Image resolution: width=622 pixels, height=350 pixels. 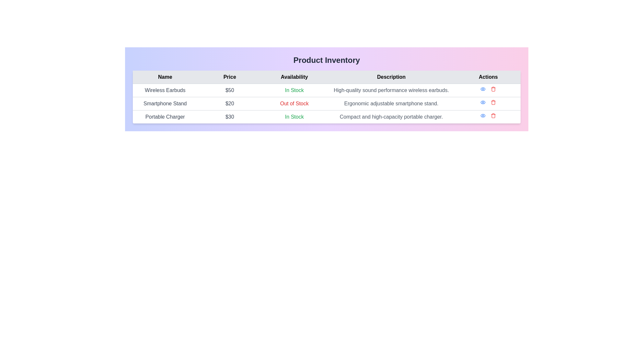 What do you see at coordinates (230, 103) in the screenshot?
I see `text of the price label for the 'Smartphone Stand' product, located in the second row of the inventory table under the 'Price' column, positioned between 'Smartphone Stand' and 'Out of Stock.'` at bounding box center [230, 103].